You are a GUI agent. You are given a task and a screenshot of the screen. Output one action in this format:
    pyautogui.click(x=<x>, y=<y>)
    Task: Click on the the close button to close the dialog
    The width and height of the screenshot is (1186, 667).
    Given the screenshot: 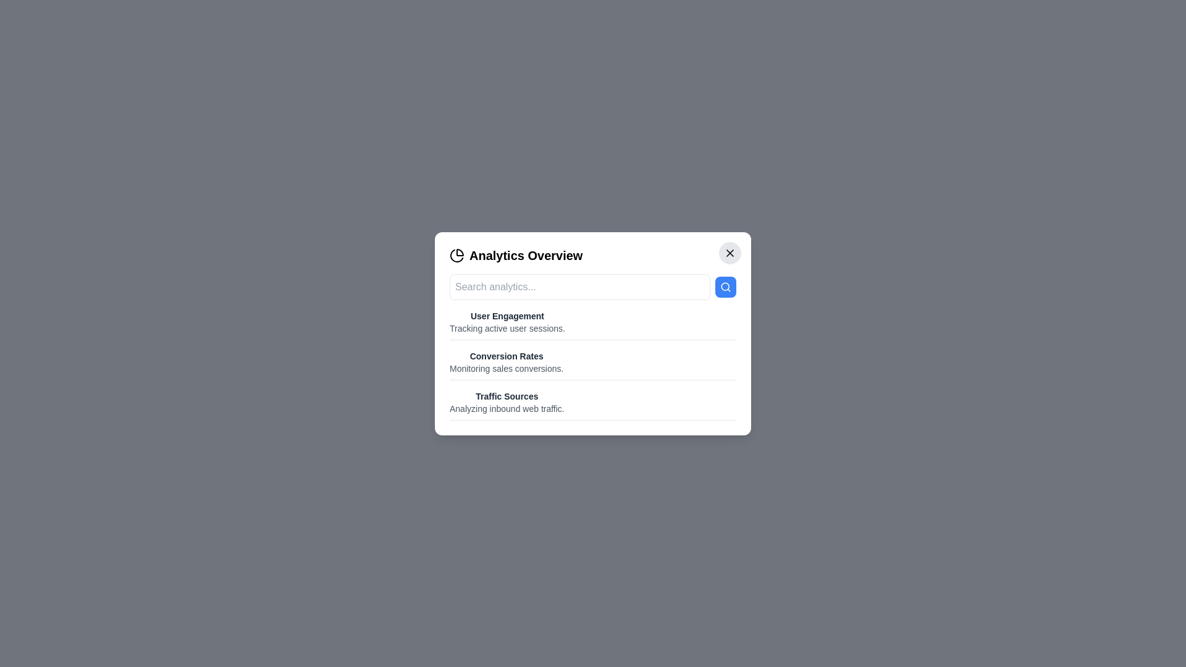 What is the action you would take?
    pyautogui.click(x=730, y=252)
    